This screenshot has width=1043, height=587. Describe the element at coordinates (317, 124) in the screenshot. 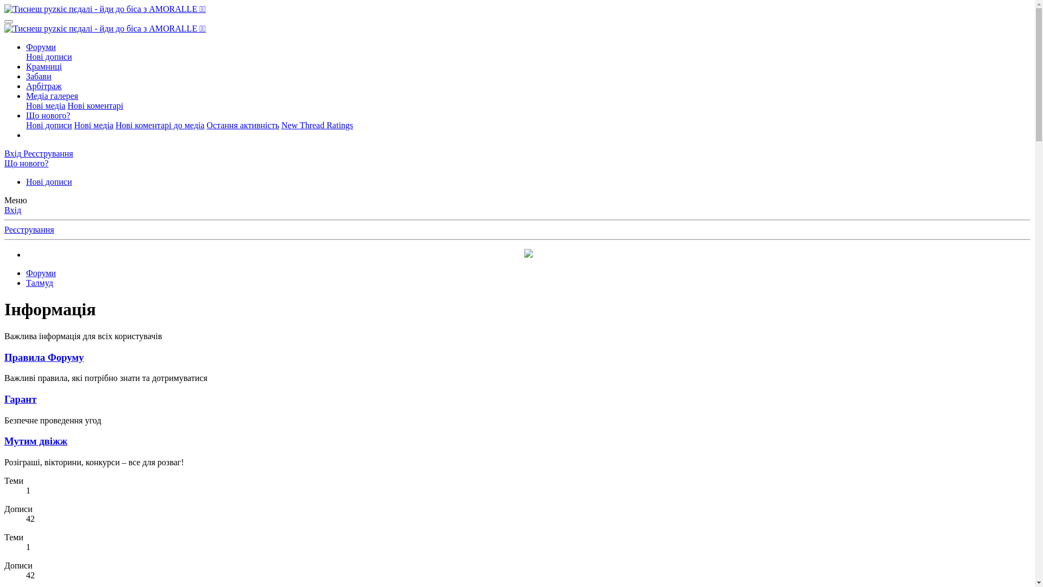

I see `'New Thread Ratings'` at that location.